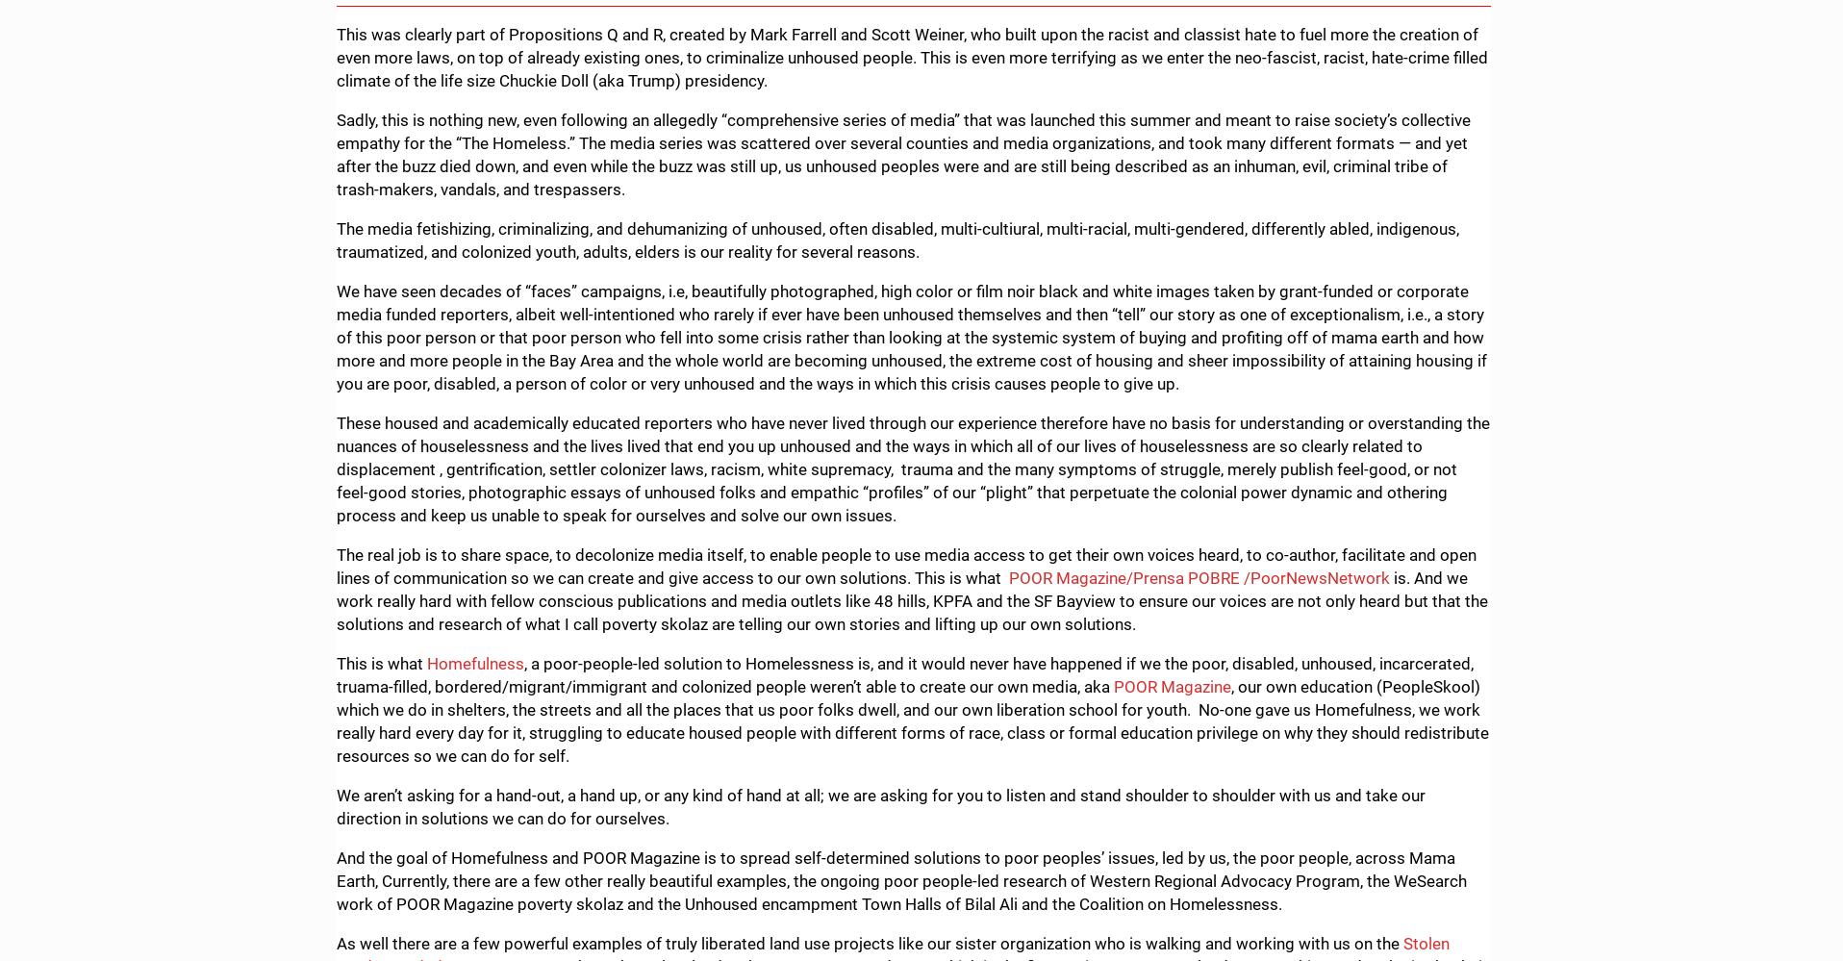  What do you see at coordinates (897, 239) in the screenshot?
I see `'The media fetishizing, criminalizing, and dehumanizing of unhoused, often disabled, multi-cultiural, multi-racial, multi-gendered, differently abled, indigenous, traumatized, and colonized youth, adults, elders is our reality for several reasons.'` at bounding box center [897, 239].